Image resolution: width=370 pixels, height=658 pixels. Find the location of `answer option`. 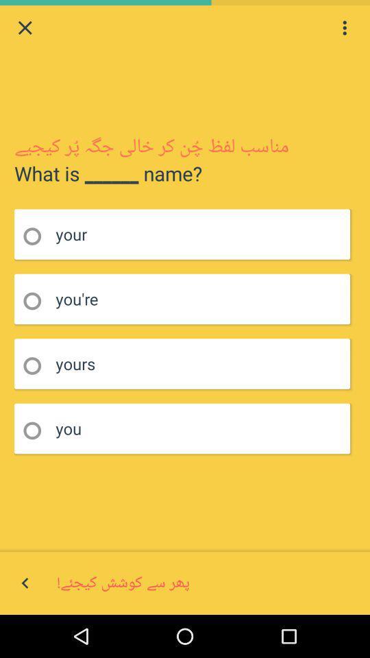

answer option is located at coordinates (36, 365).